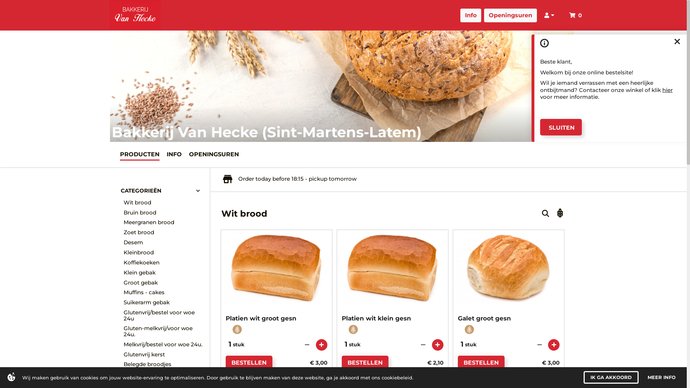  Describe the element at coordinates (164, 212) in the screenshot. I see `'Bruin brood'` at that location.